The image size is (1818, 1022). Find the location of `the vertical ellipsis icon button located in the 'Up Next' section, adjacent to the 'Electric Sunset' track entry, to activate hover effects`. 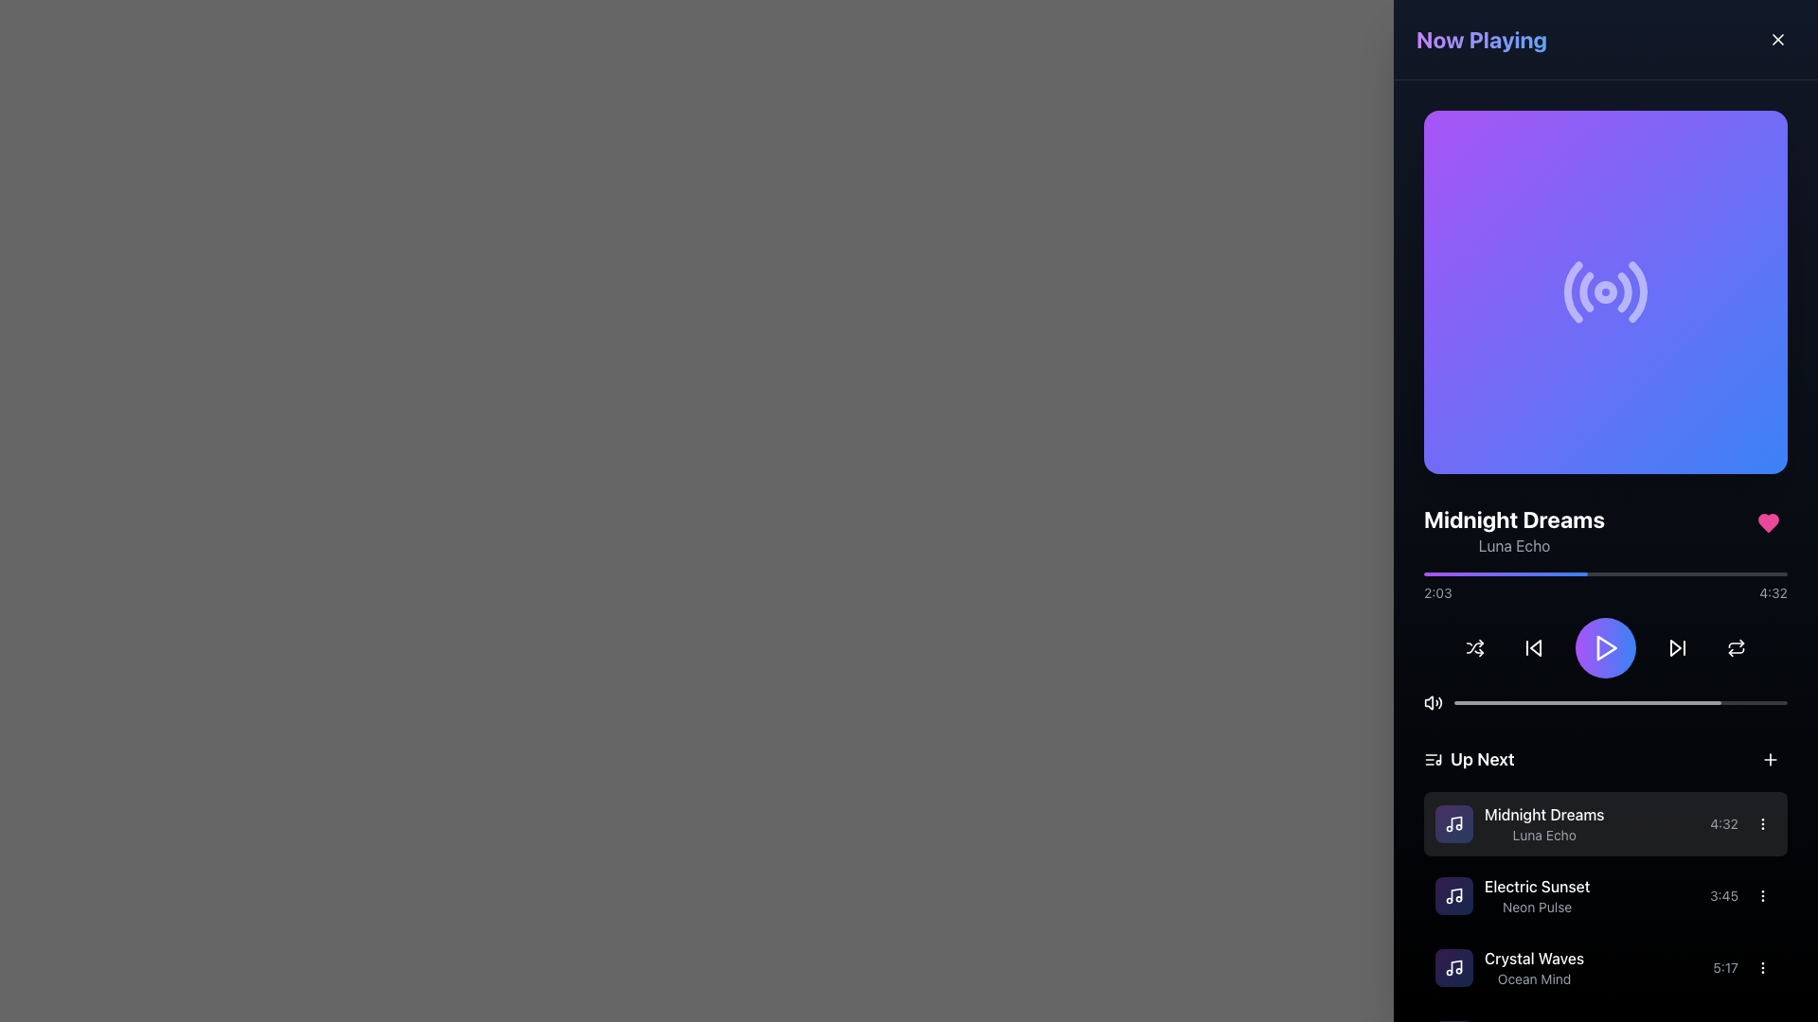

the vertical ellipsis icon button located in the 'Up Next' section, adjacent to the 'Electric Sunset' track entry, to activate hover effects is located at coordinates (1762, 895).